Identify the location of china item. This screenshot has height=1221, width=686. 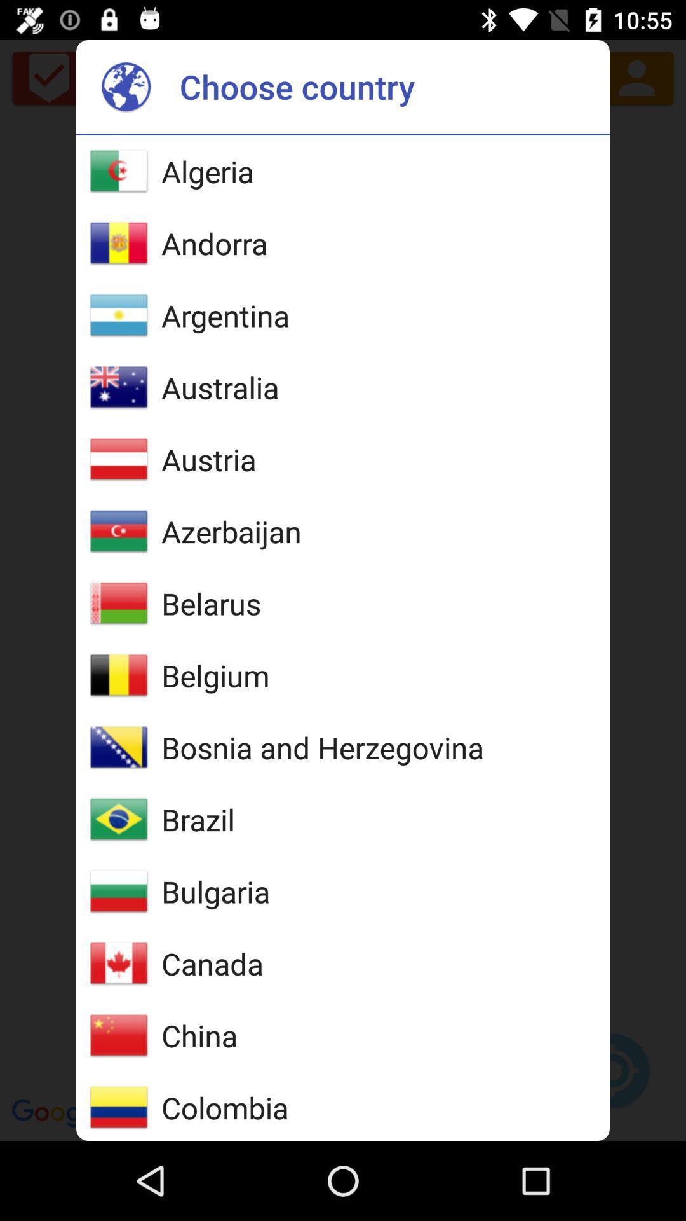
(199, 1035).